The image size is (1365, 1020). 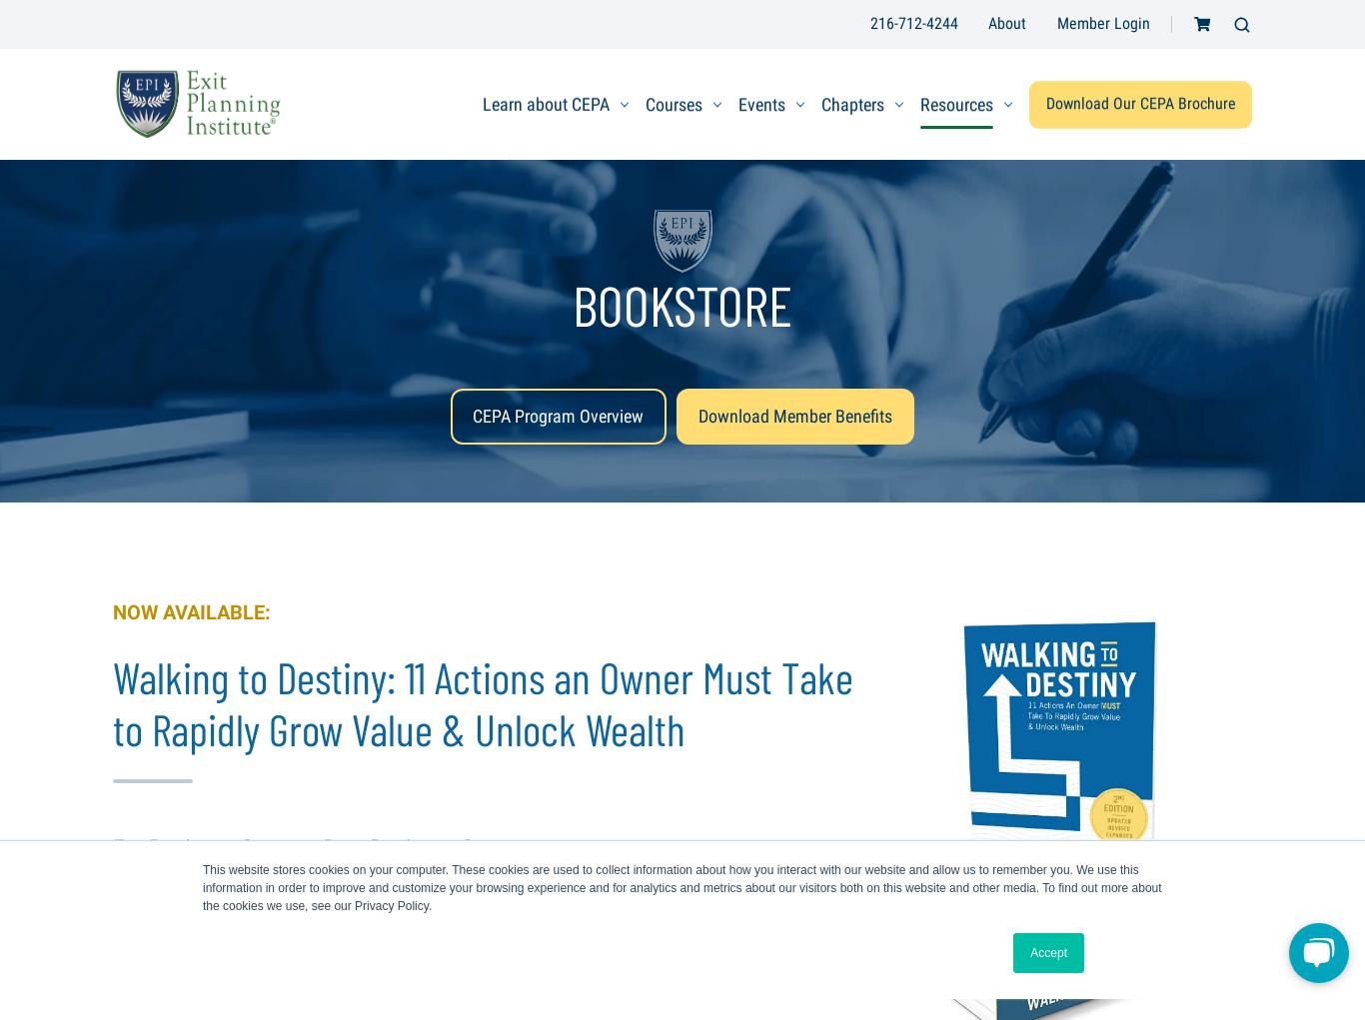 I want to click on 'BOOKSTORE', so click(x=572, y=304).